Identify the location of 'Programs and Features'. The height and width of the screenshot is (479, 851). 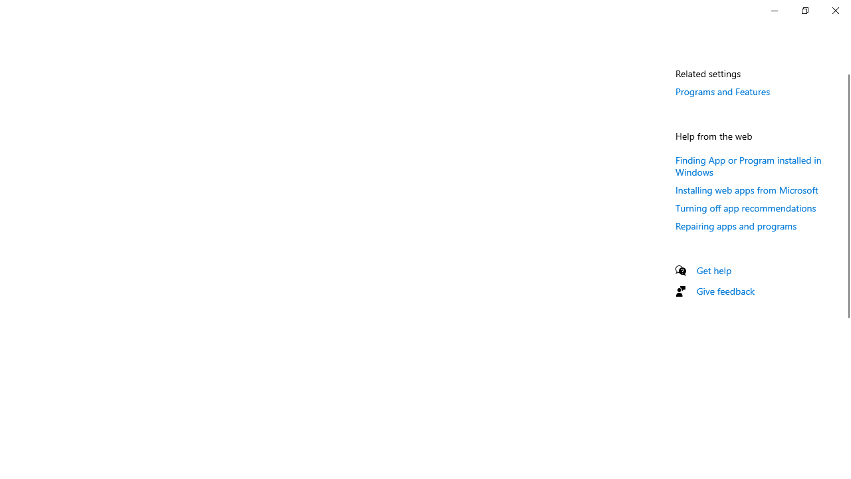
(722, 90).